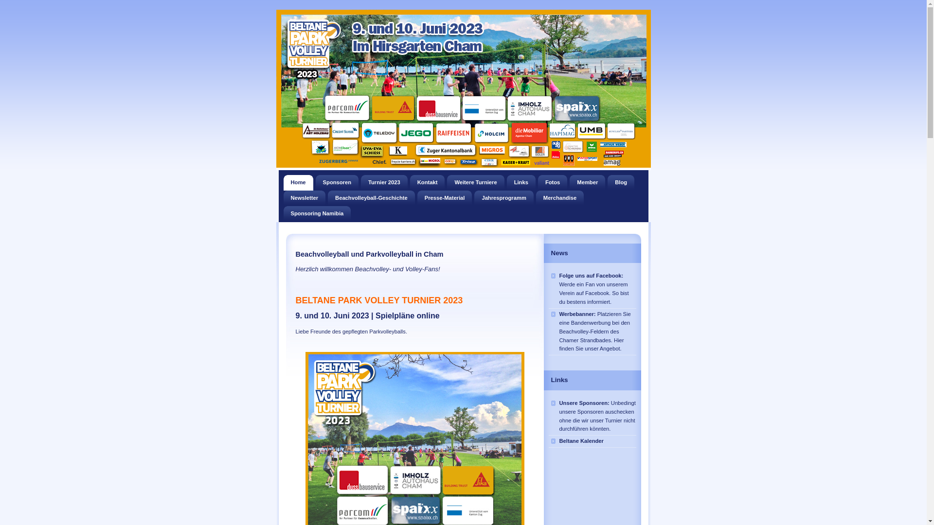 The height and width of the screenshot is (525, 934). What do you see at coordinates (503, 198) in the screenshot?
I see `'Jahresprogramm` at bounding box center [503, 198].